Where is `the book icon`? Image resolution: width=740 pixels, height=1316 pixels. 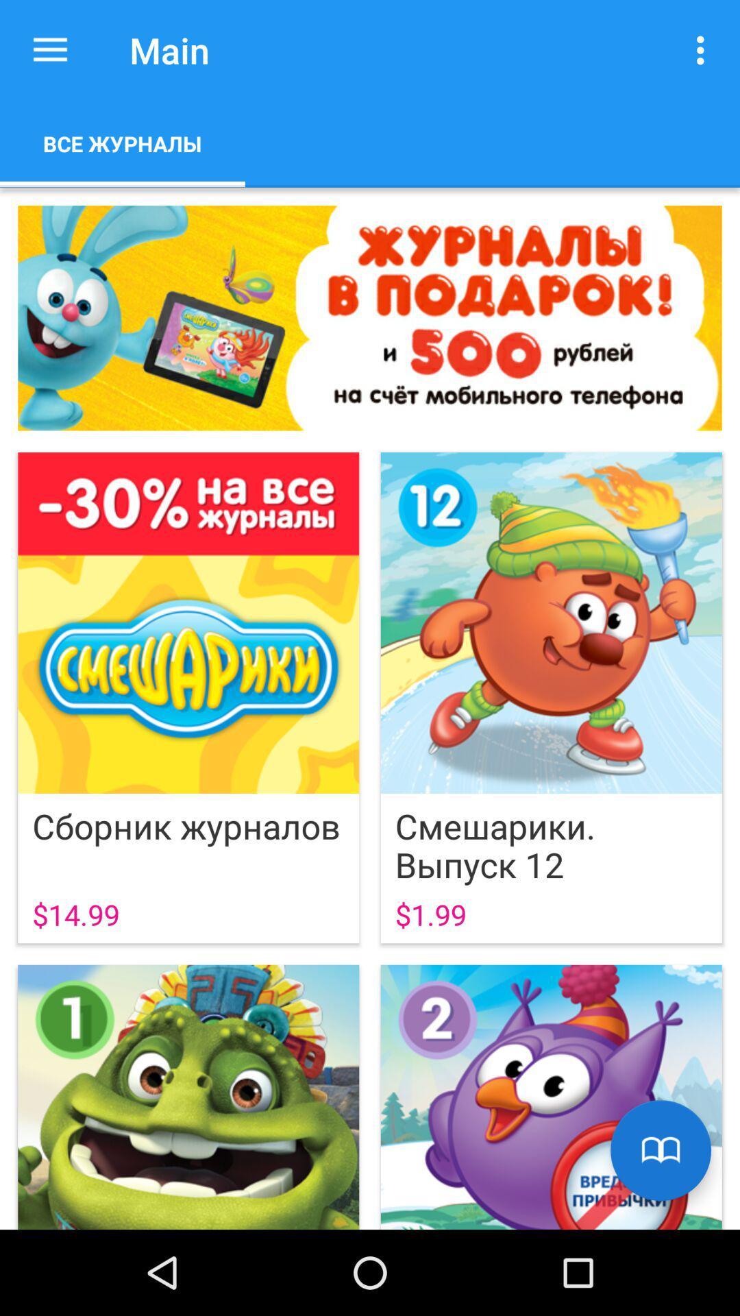
the book icon is located at coordinates (660, 1150).